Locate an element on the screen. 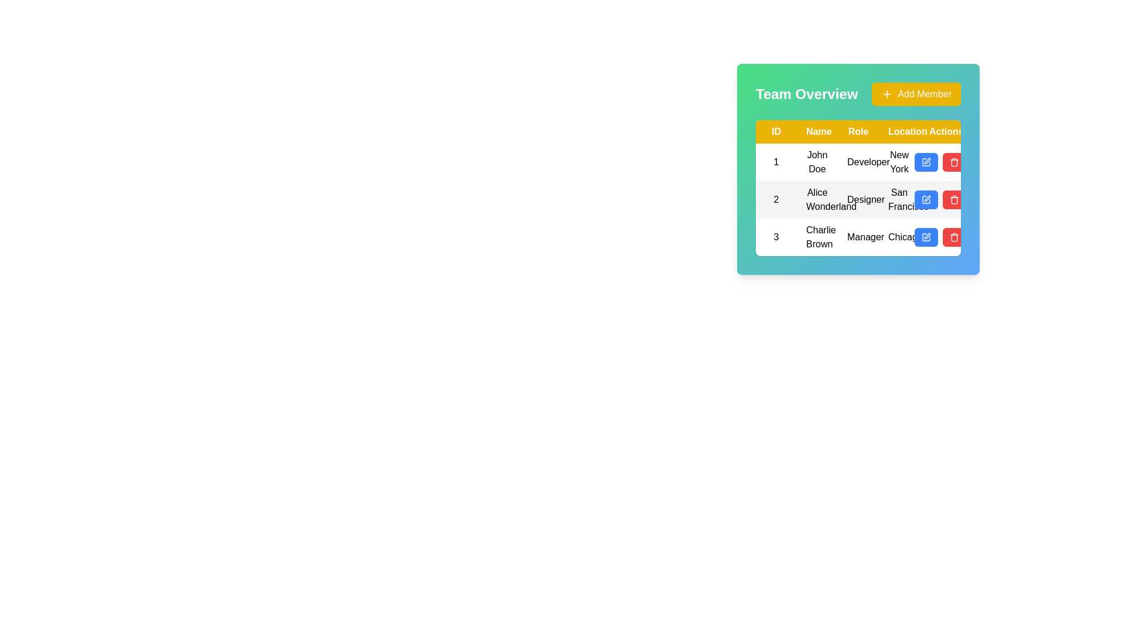 Image resolution: width=1125 pixels, height=633 pixels. the blue rectangular button with a pencil icon located in the Actions column of the third row for 'Charlie Brown' is located at coordinates (925, 237).